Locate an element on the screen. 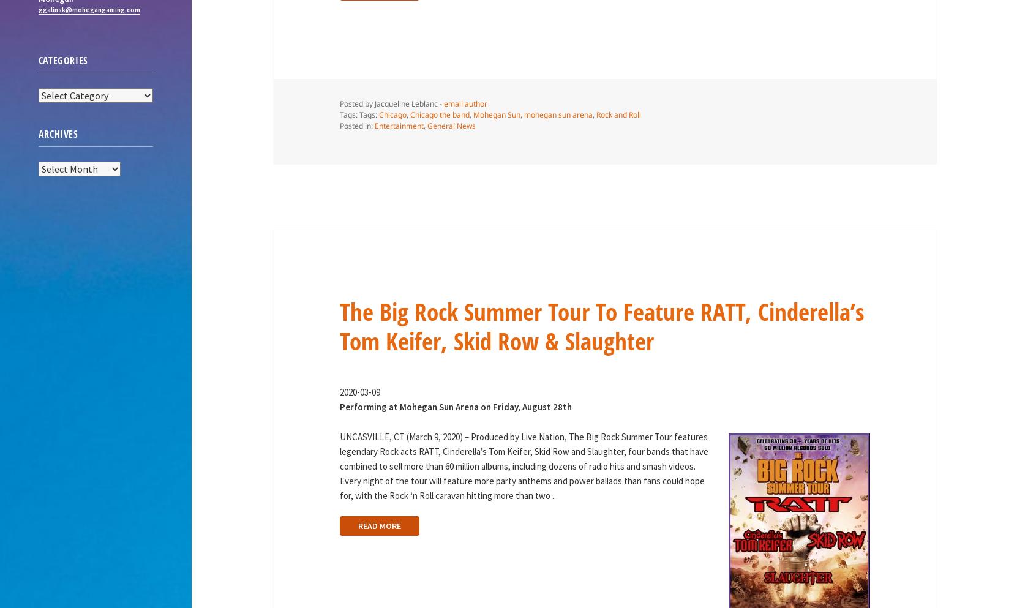 Image resolution: width=1036 pixels, height=608 pixels. 'Performing at Mohegan Sun Arena on Friday, August 28th' is located at coordinates (454, 406).